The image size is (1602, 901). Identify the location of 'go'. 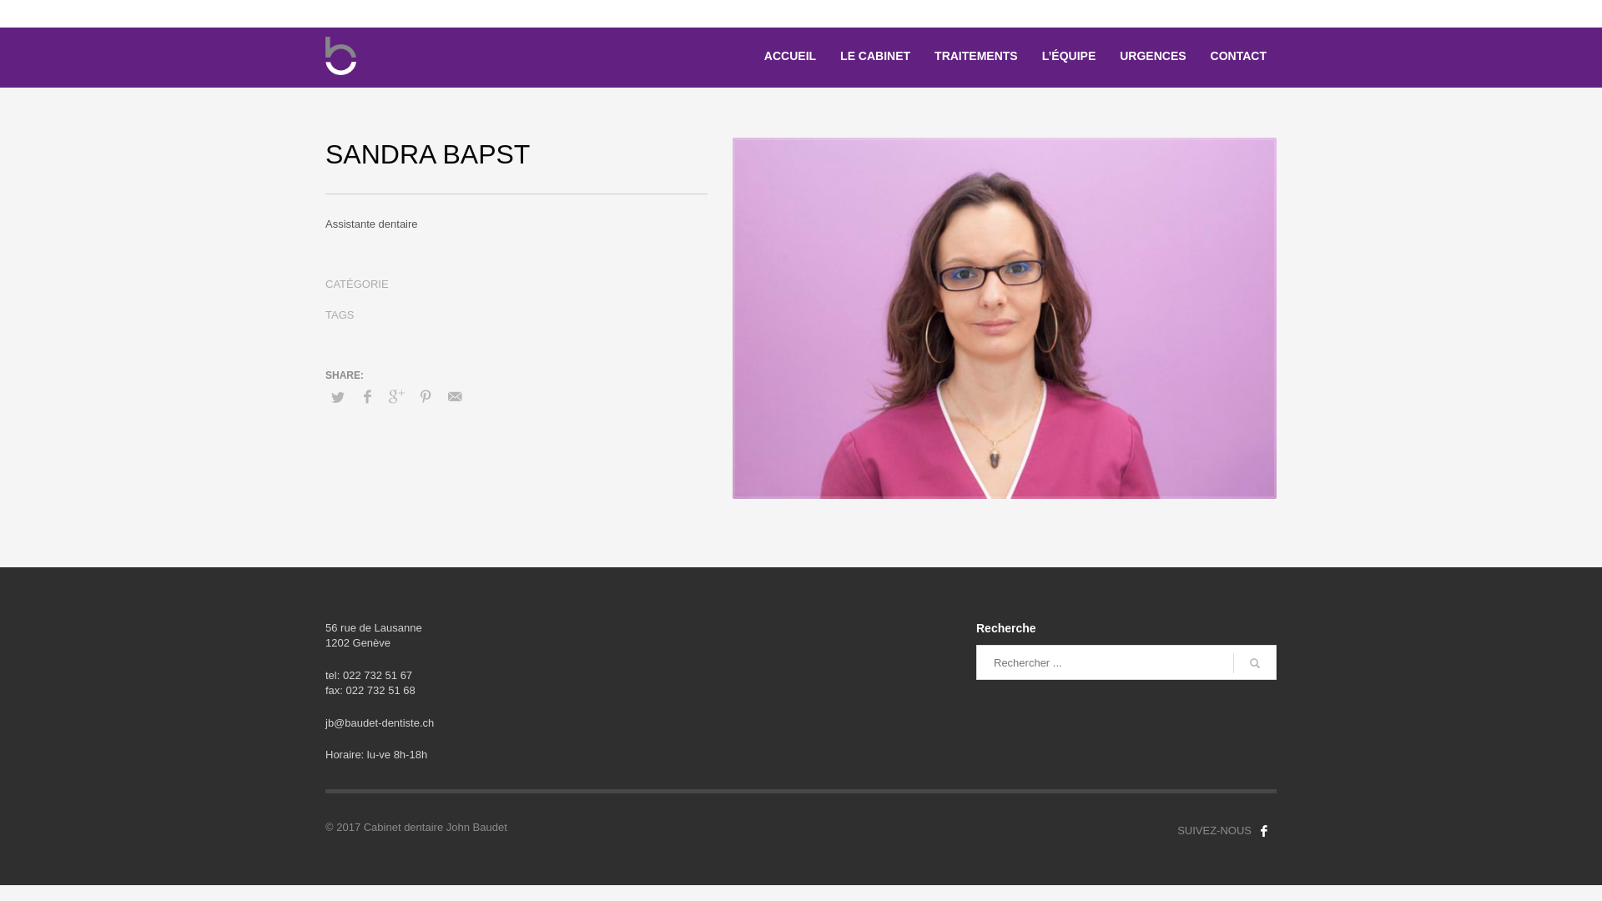
(1254, 662).